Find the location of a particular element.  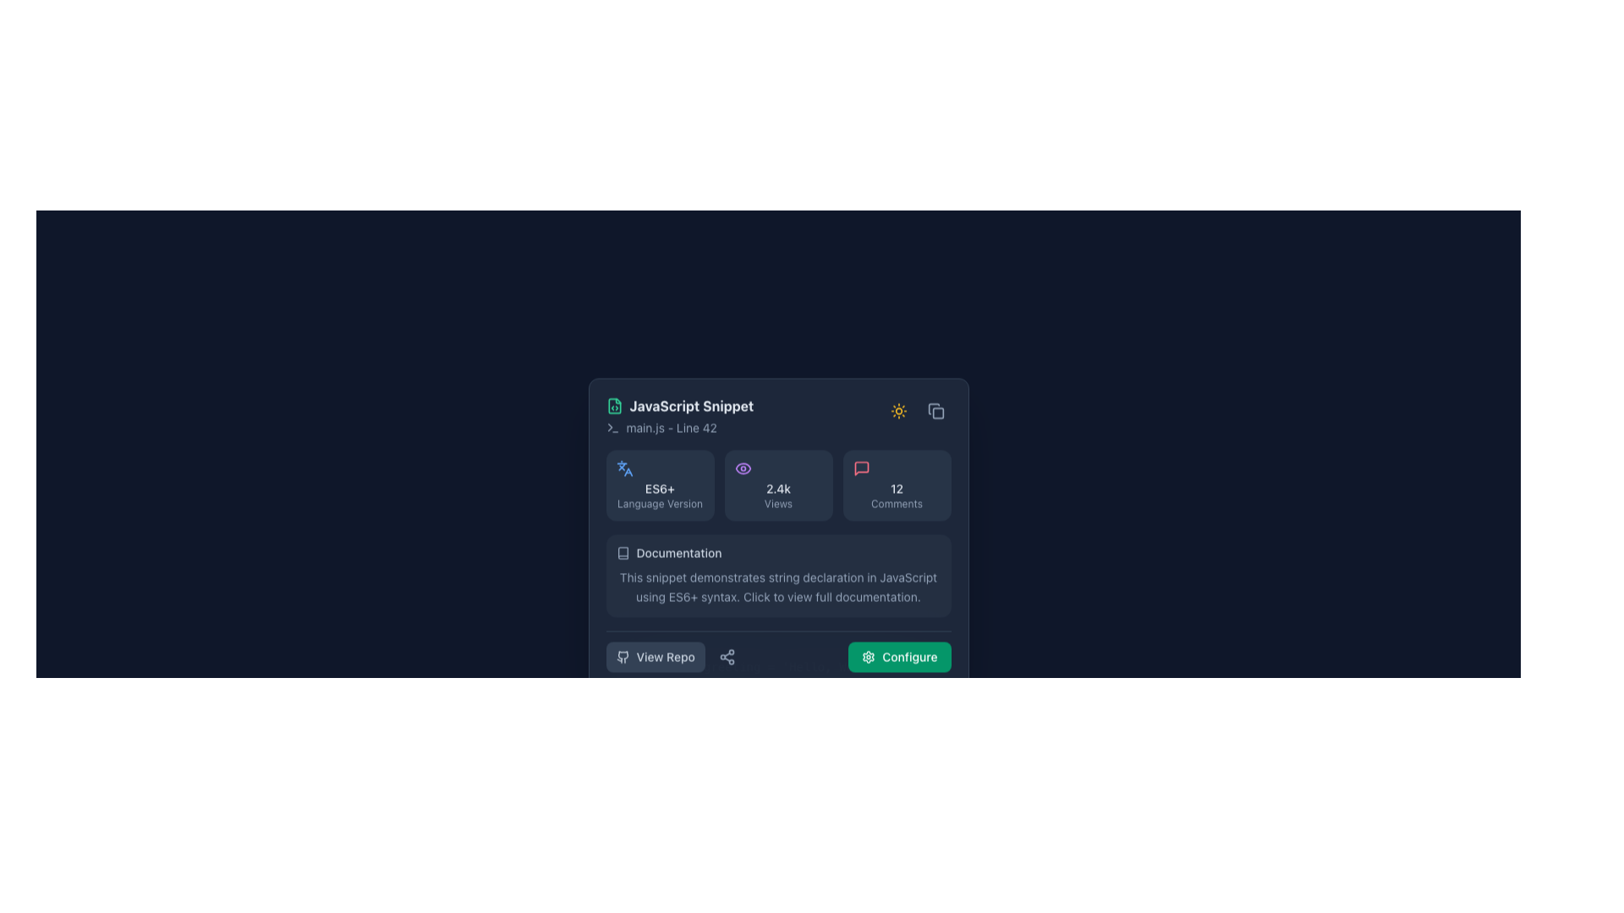

the square button with a copy icon in the center, which has a dark background that changes to a lighter shade on hover is located at coordinates (935, 411).